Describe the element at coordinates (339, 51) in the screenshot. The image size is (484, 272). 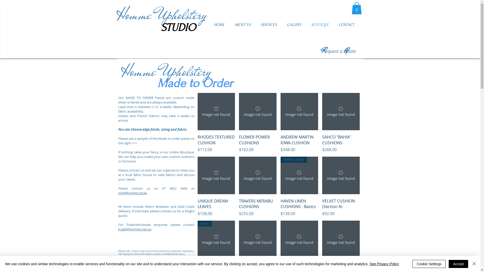
I see `'Request a Quote'` at that location.